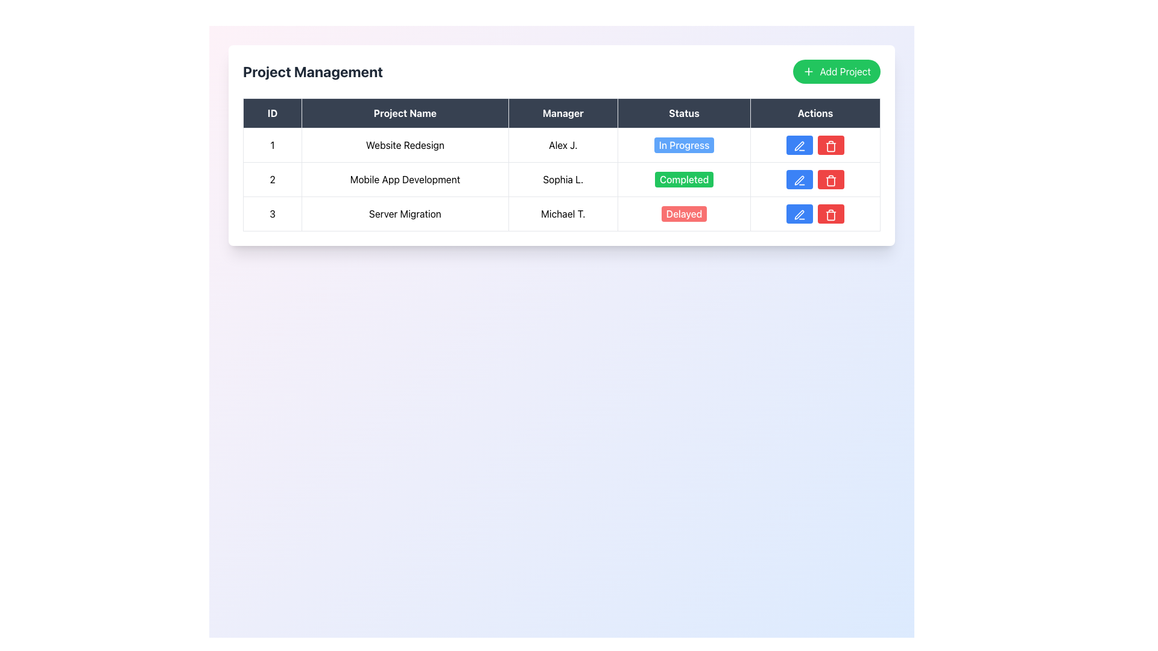 The image size is (1158, 651). Describe the element at coordinates (800, 145) in the screenshot. I see `the edit action button, which is the first button in the 'Actions' column of the first row in the table` at that location.